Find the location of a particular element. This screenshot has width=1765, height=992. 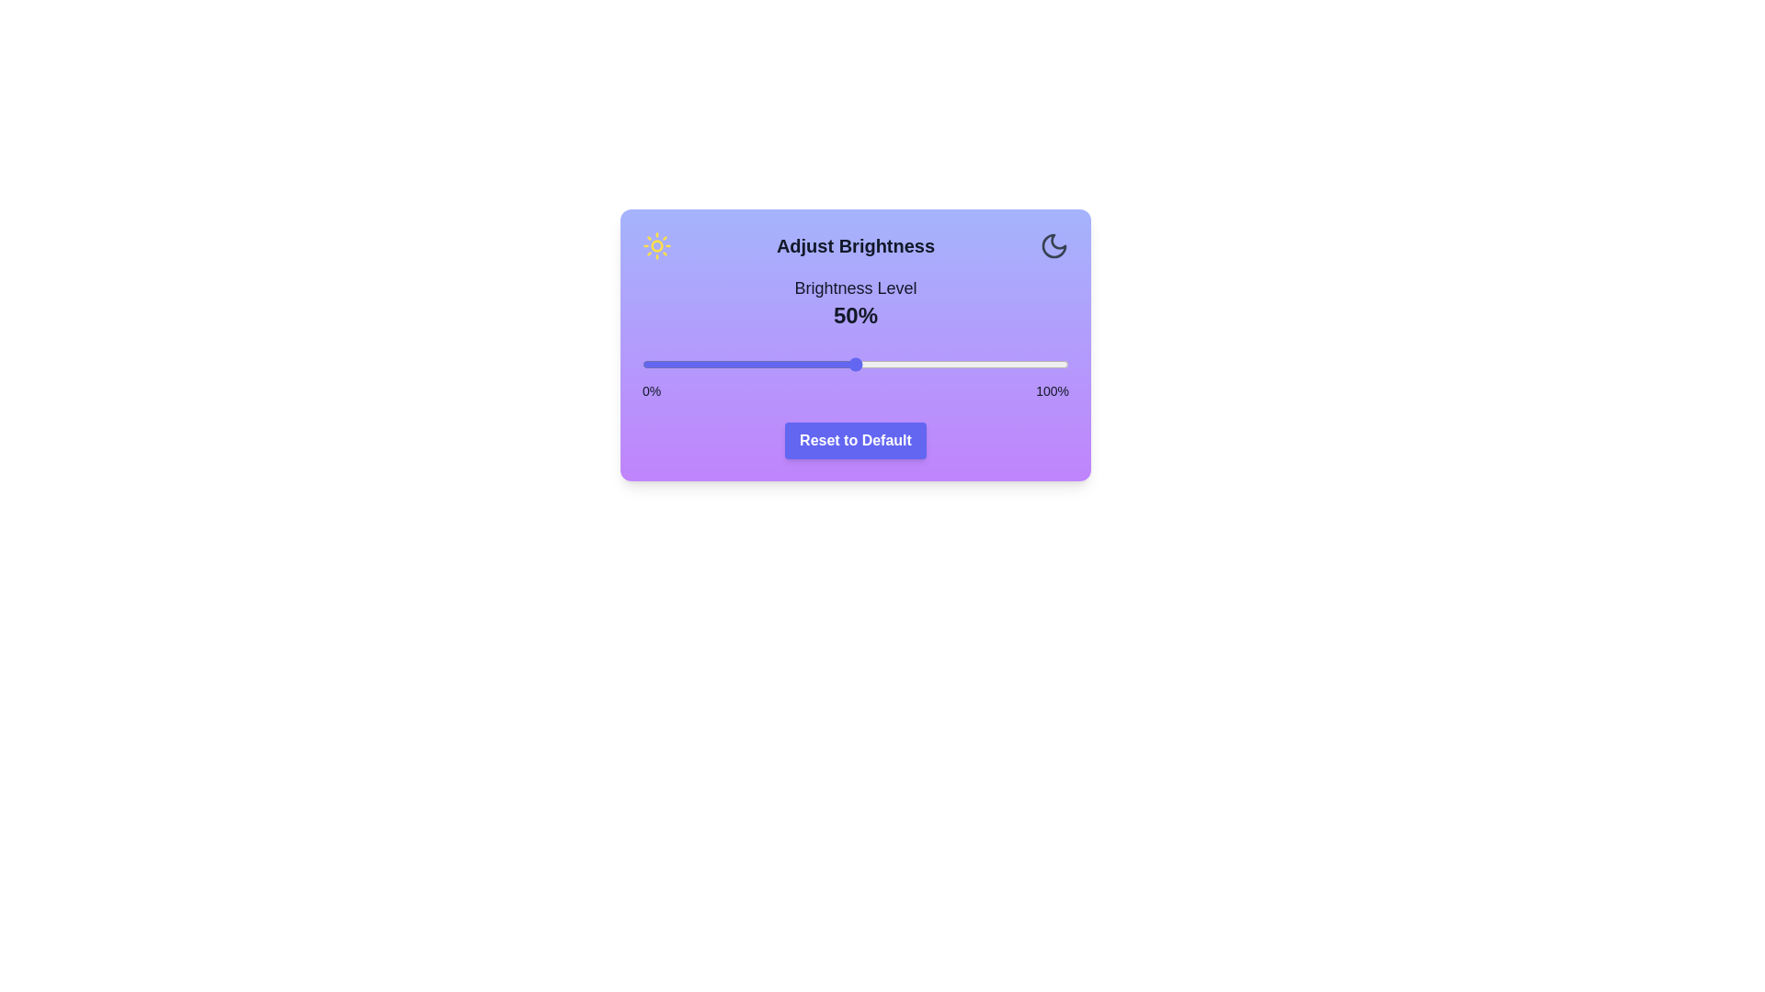

the brightness to 47% by moving the slider is located at coordinates (841, 365).